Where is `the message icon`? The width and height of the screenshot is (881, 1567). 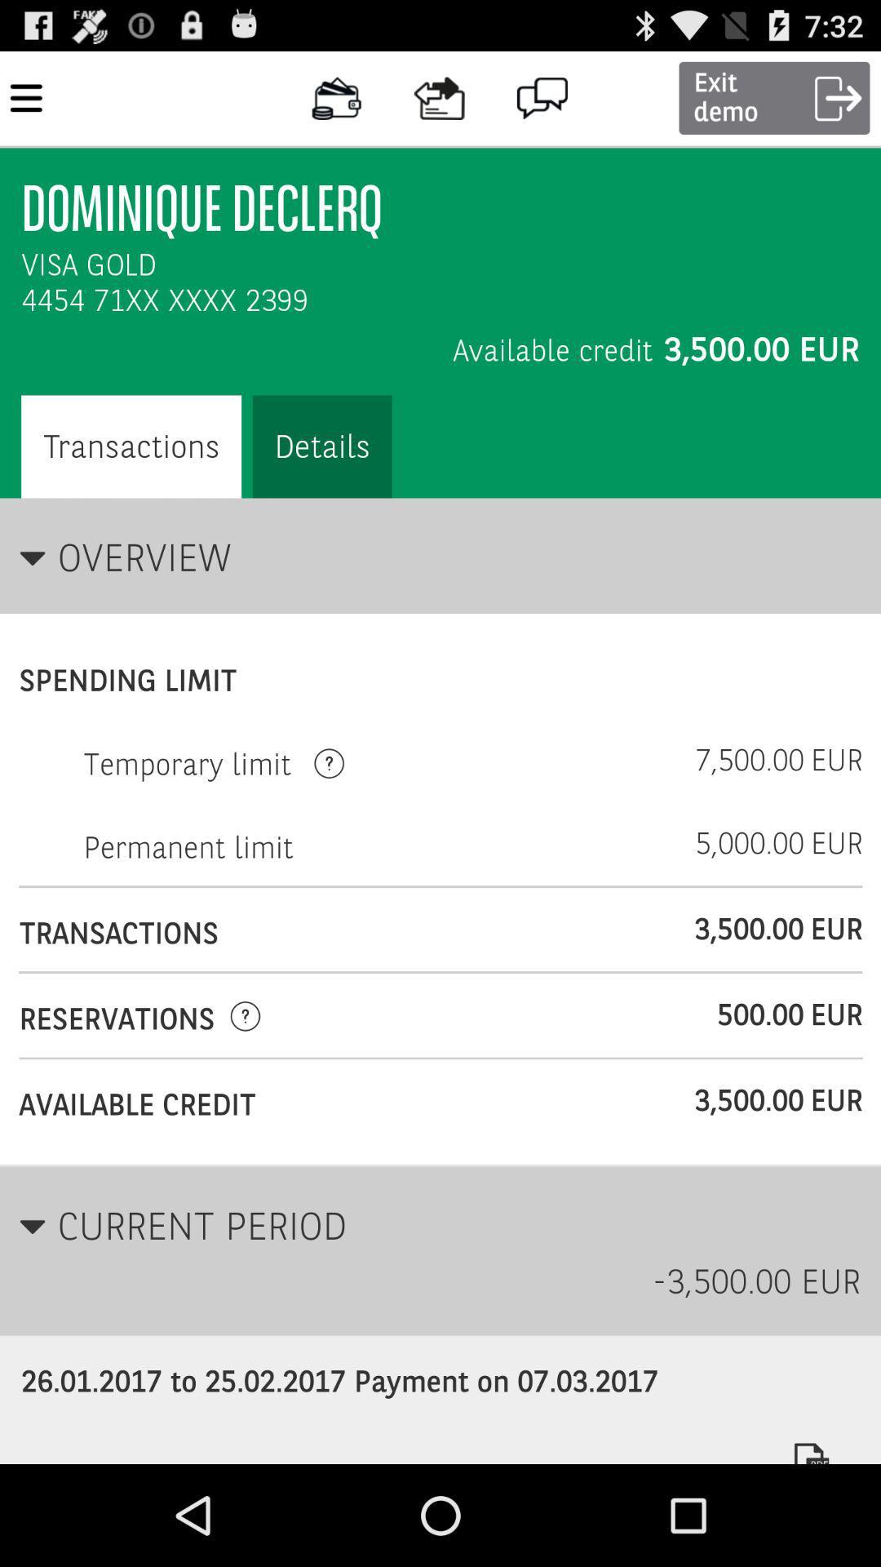
the message icon is located at coordinates (542, 97).